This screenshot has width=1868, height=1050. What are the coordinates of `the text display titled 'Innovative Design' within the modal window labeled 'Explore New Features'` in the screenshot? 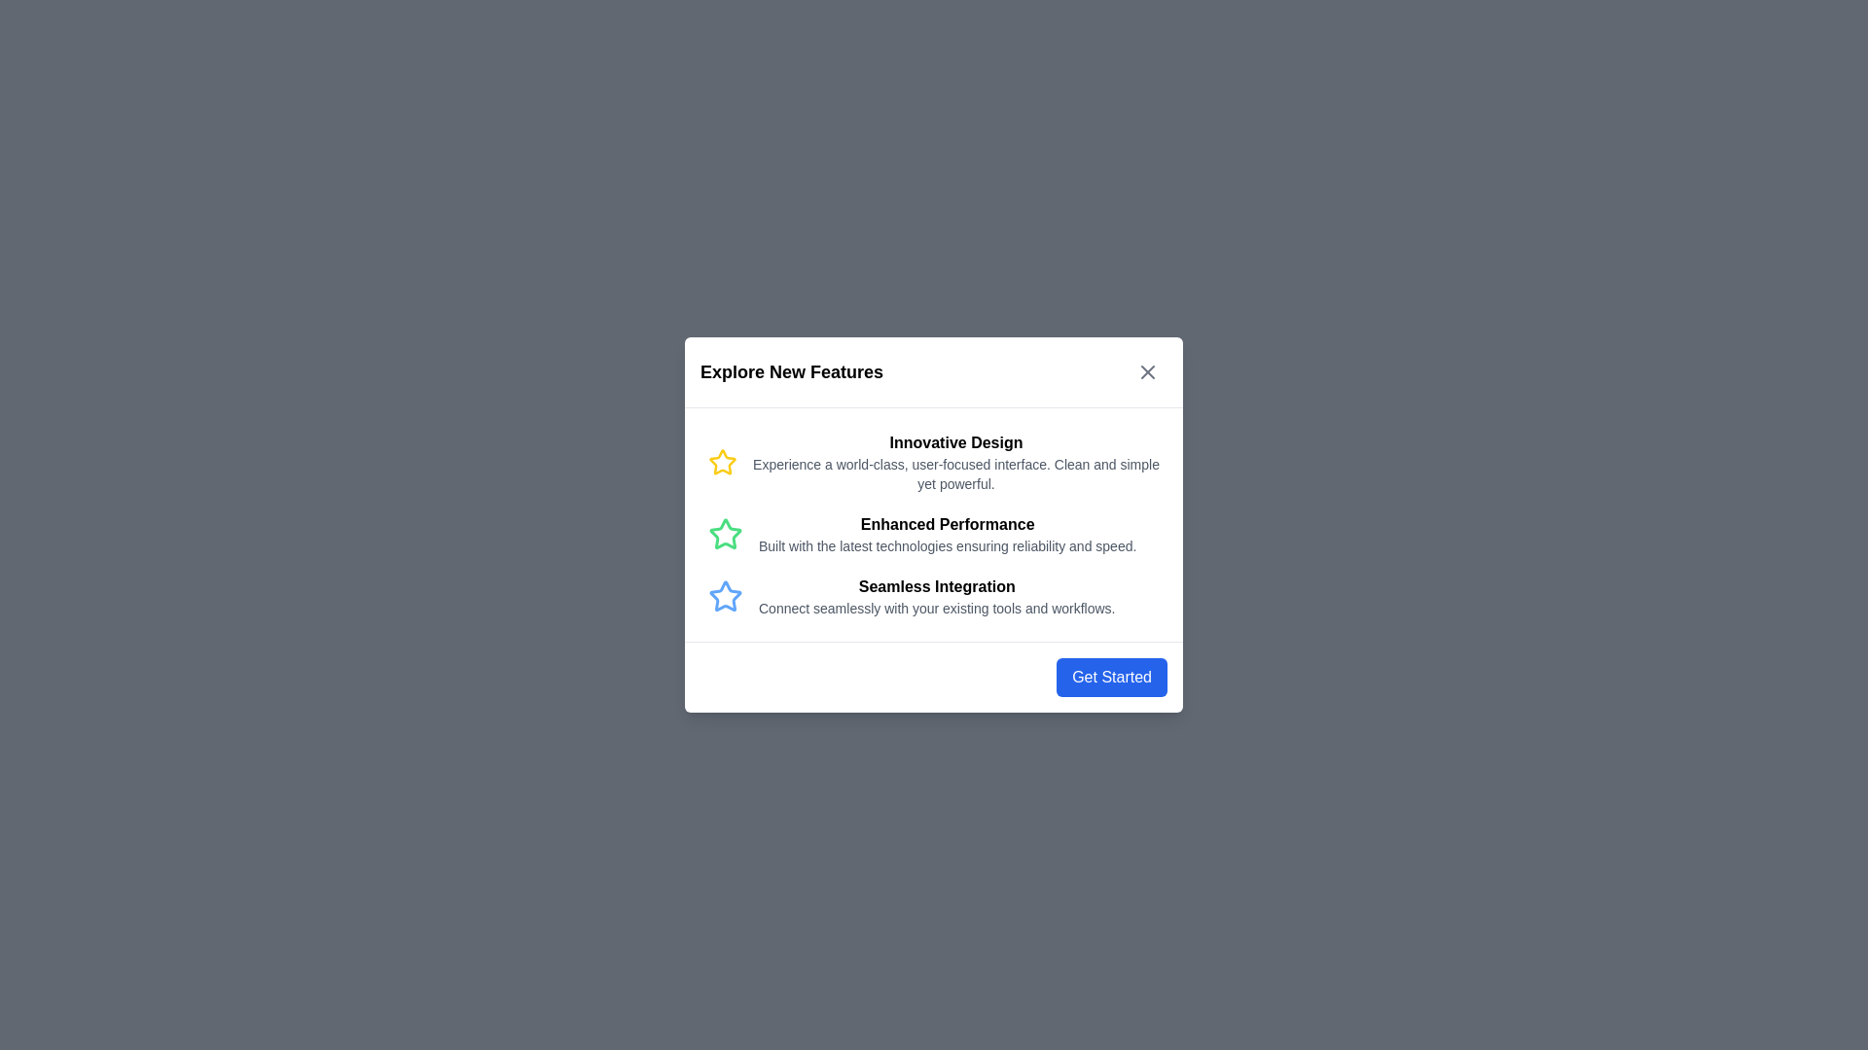 It's located at (956, 462).